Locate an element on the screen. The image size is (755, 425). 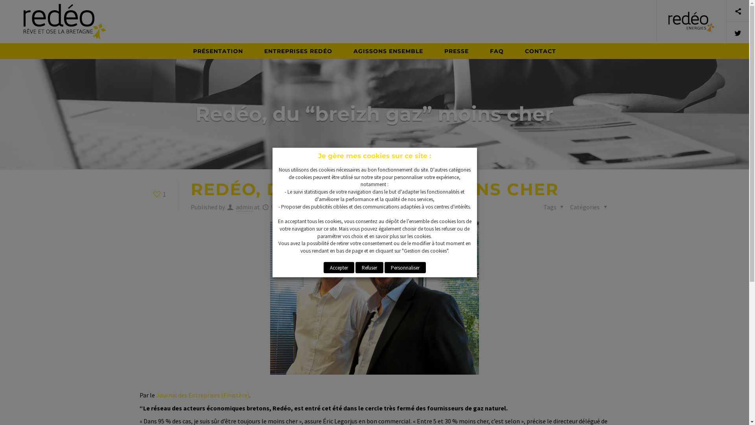
'AGISSONS ENSEMBLE' is located at coordinates (343, 51).